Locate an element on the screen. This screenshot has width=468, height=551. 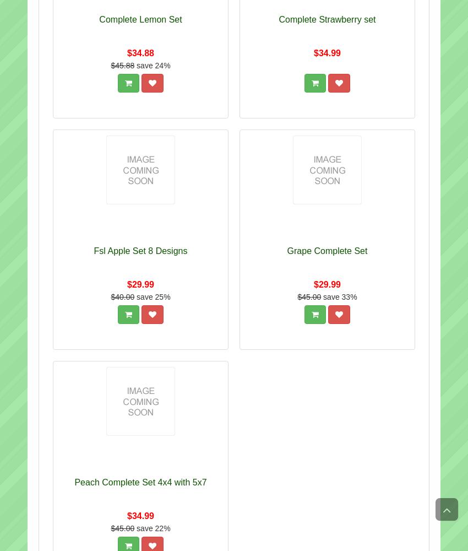
'Complete Lemon Set' is located at coordinates (140, 19).